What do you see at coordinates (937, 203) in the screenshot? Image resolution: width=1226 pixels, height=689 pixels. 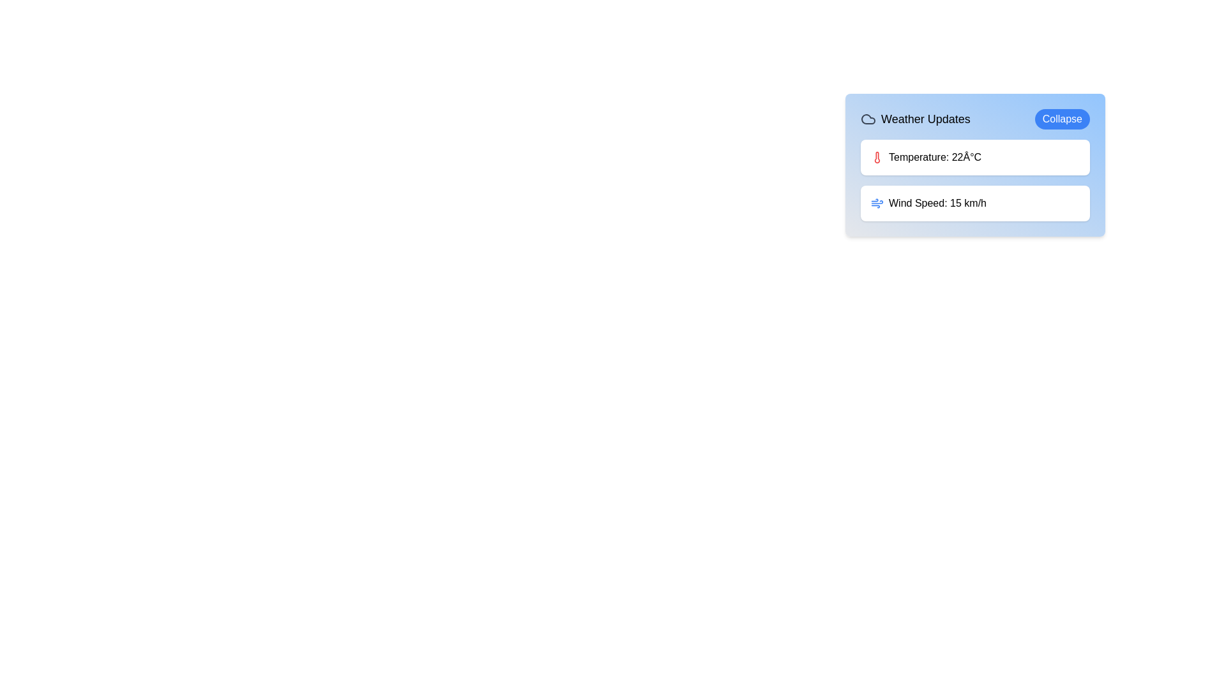 I see `the wind speed information text label located in the bottom section of the 'Weather Updates' card, next to the wind icon and below the temperature label` at bounding box center [937, 203].